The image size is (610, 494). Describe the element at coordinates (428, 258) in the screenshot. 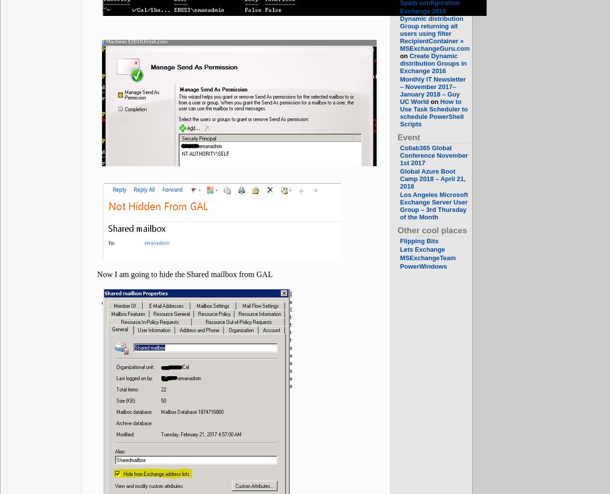

I see `'MSExchangeTeam'` at that location.